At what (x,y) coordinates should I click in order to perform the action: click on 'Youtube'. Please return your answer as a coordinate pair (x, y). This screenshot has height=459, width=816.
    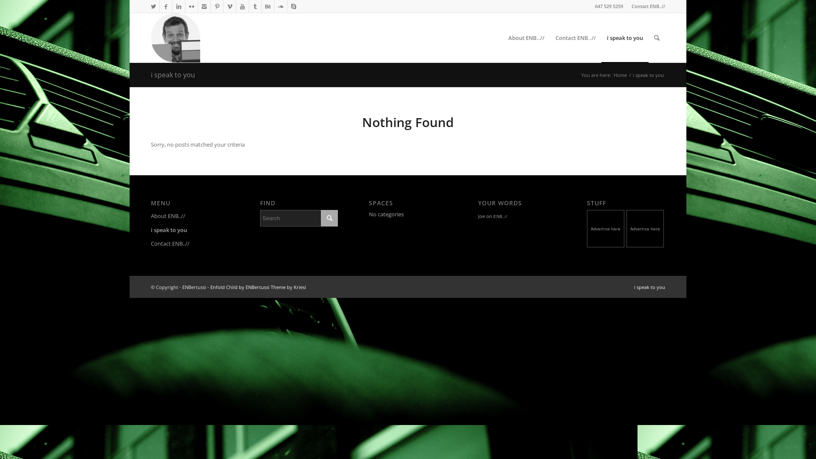
    Looking at the image, I should click on (242, 6).